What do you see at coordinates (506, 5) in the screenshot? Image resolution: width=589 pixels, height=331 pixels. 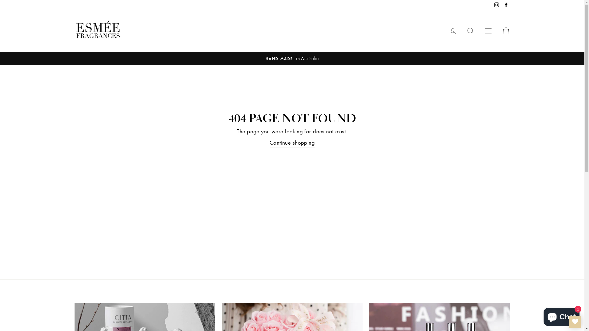 I see `'Facebook'` at bounding box center [506, 5].